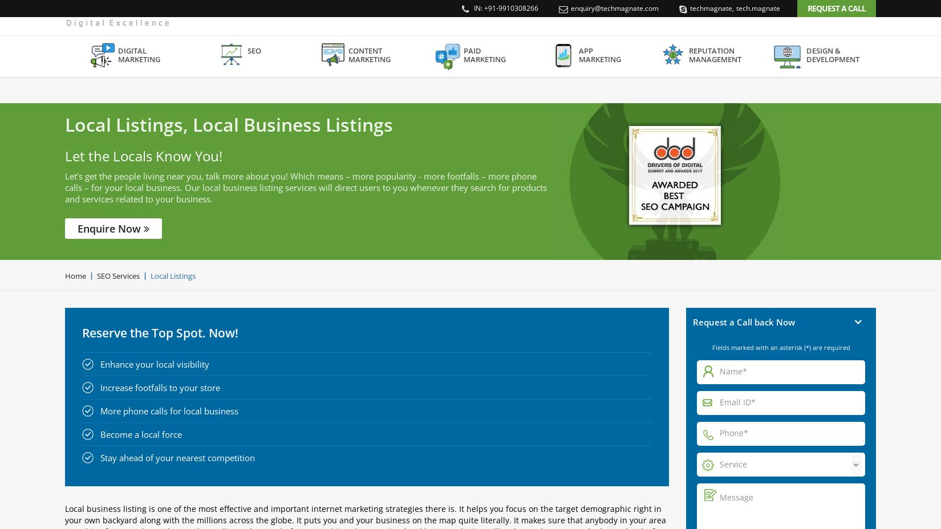 The image size is (941, 529). What do you see at coordinates (364, 77) in the screenshot?
I see `'Content'` at bounding box center [364, 77].